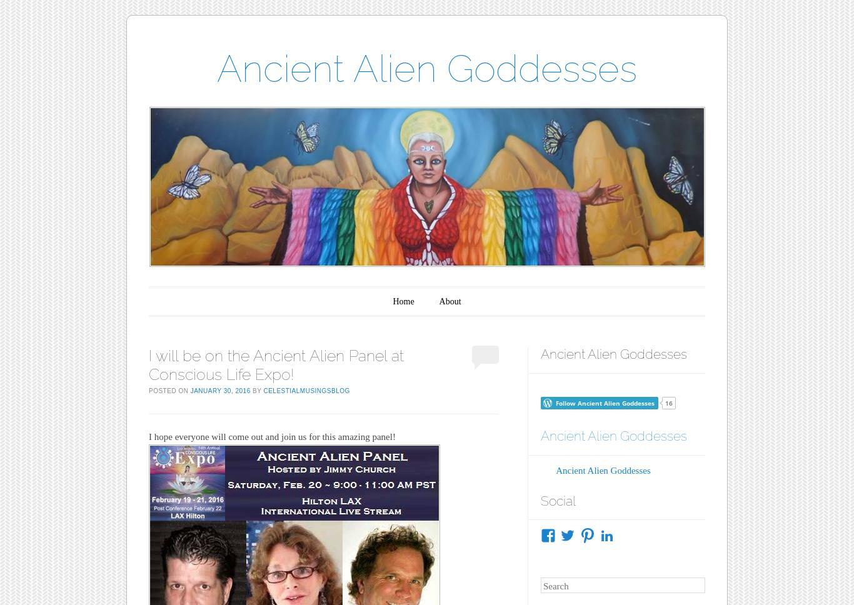 The image size is (854, 605). What do you see at coordinates (148, 364) in the screenshot?
I see `'I will be on the Ancient Alien Panel at Conscious Life Expo!'` at bounding box center [148, 364].